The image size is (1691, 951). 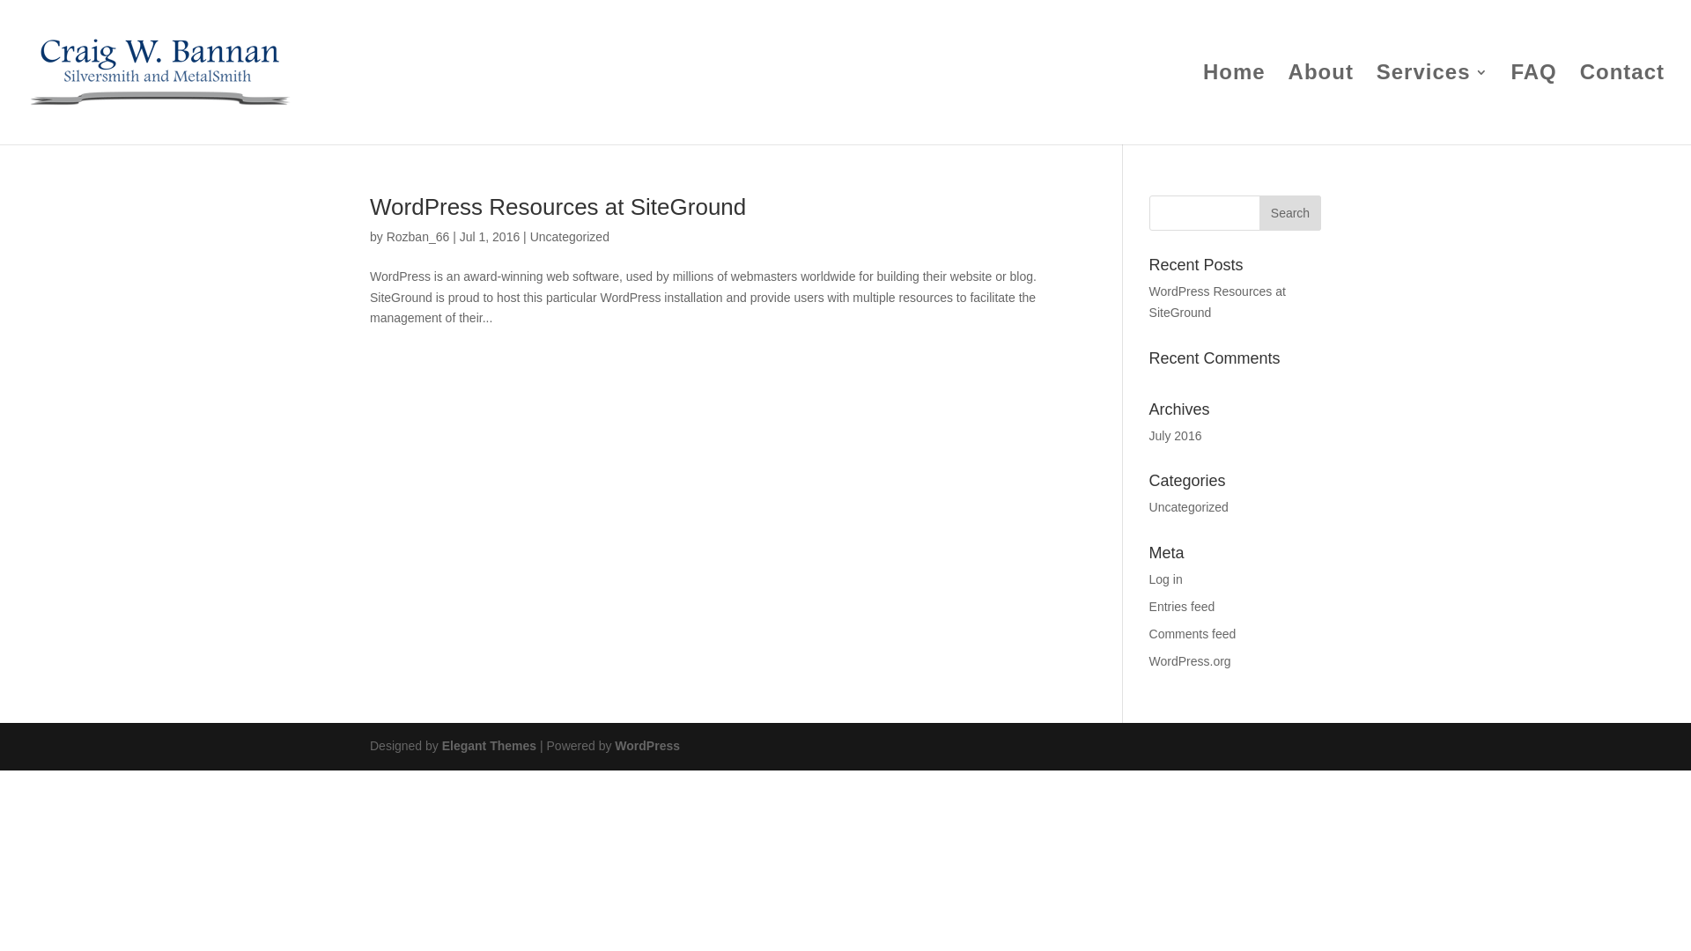 What do you see at coordinates (646, 746) in the screenshot?
I see `'WordPress'` at bounding box center [646, 746].